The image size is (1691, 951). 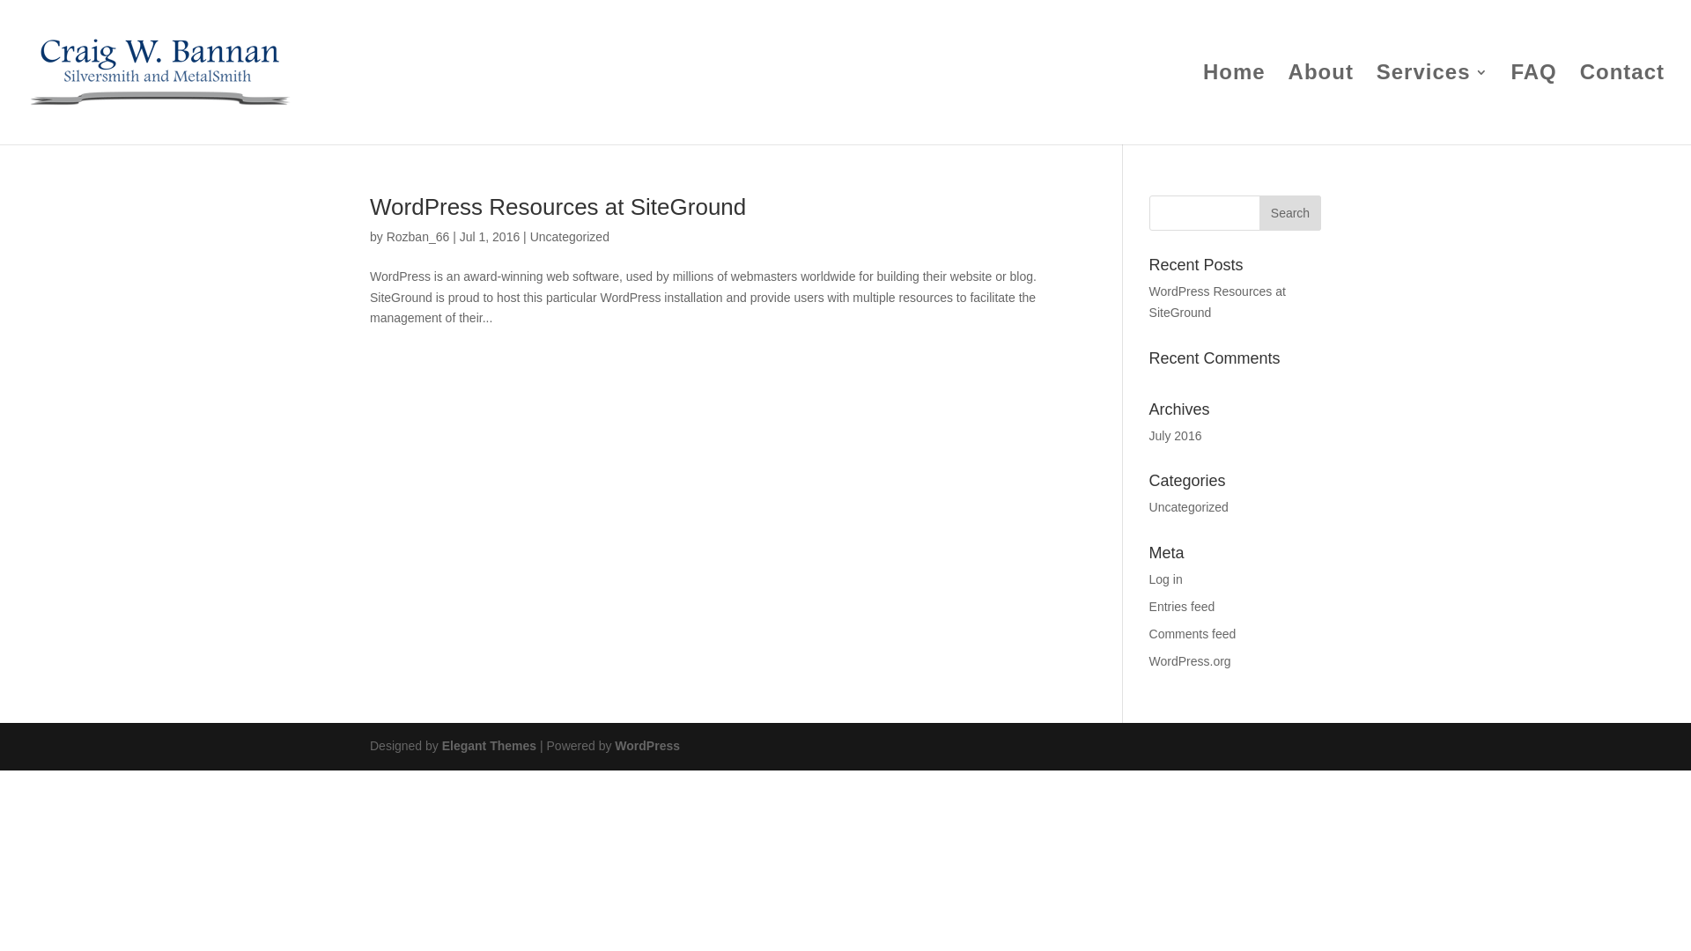 What do you see at coordinates (646, 746) in the screenshot?
I see `'WordPress'` at bounding box center [646, 746].